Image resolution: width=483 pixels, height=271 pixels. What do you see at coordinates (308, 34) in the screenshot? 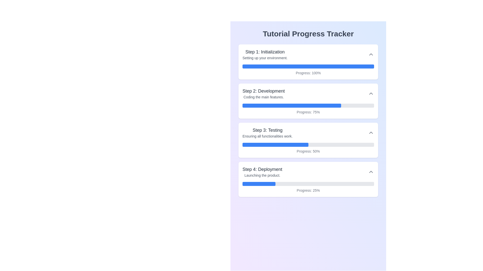
I see `text content of the title header that indicates the purpose of the interface segment for tracking tutorials' progress, positioned at the top section of the layout` at bounding box center [308, 34].